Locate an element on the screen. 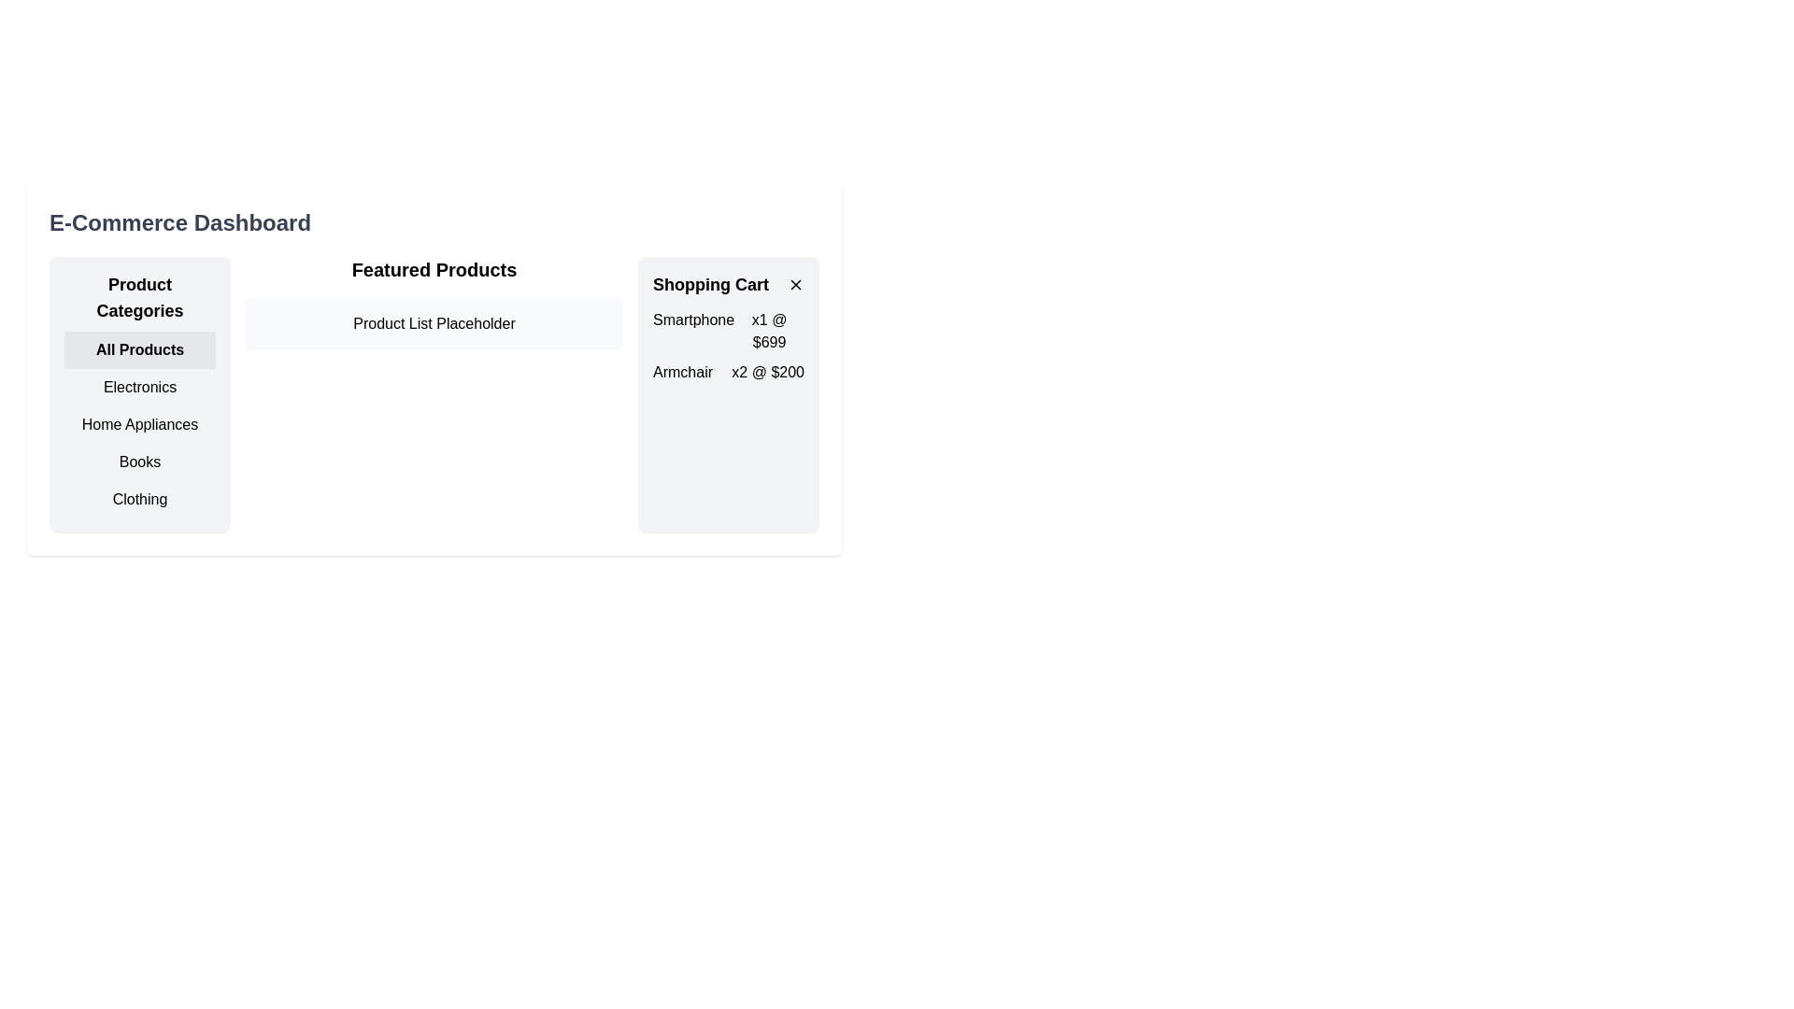 This screenshot has width=1794, height=1009. the close icon represented by an 'X' shape, located in the top-right section of the Shopping Cart box is located at coordinates (795, 284).